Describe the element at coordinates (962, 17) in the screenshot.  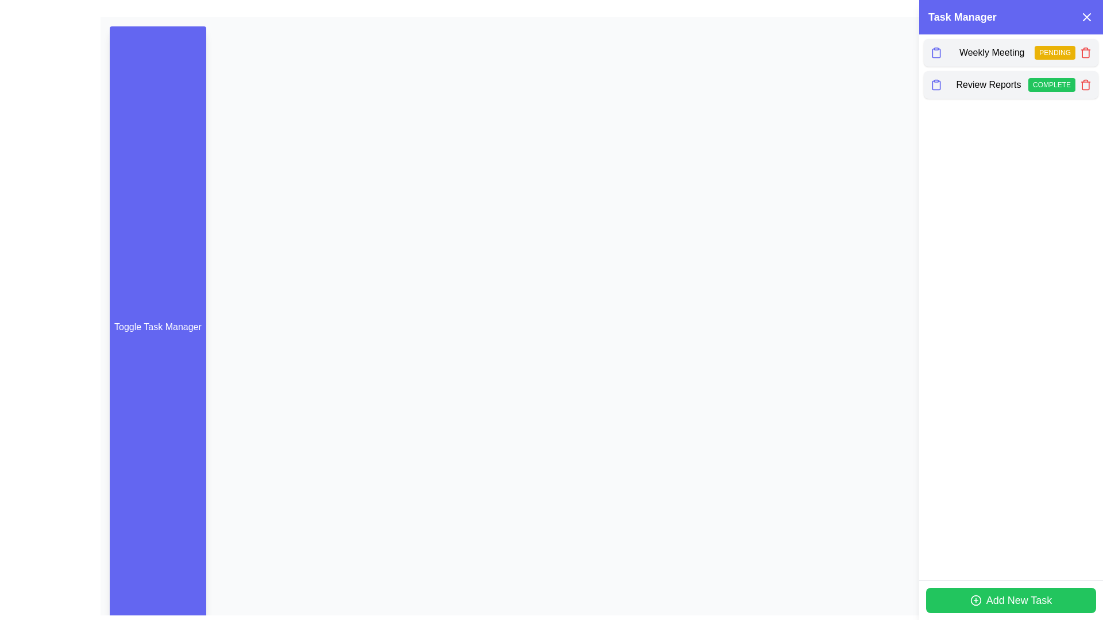
I see `the 'Task Manager' static text label, which is displayed in bold, large white font against a purple background, located in the header section to the left of the close icon` at that location.